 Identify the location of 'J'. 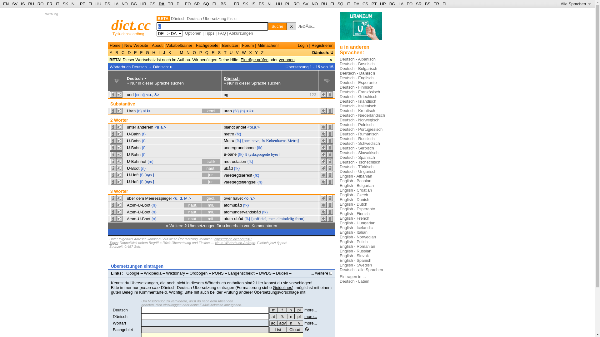
(162, 52).